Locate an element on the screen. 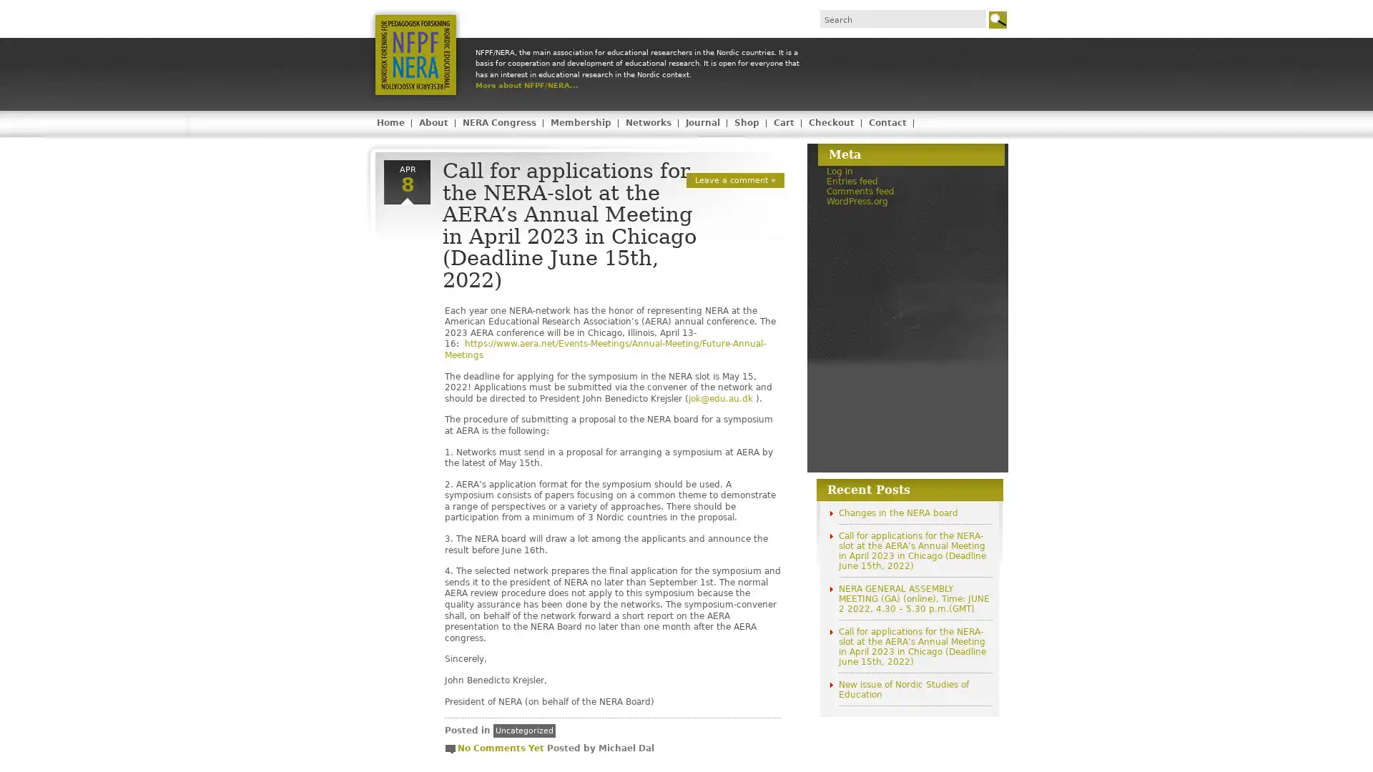  Go is located at coordinates (997, 19).